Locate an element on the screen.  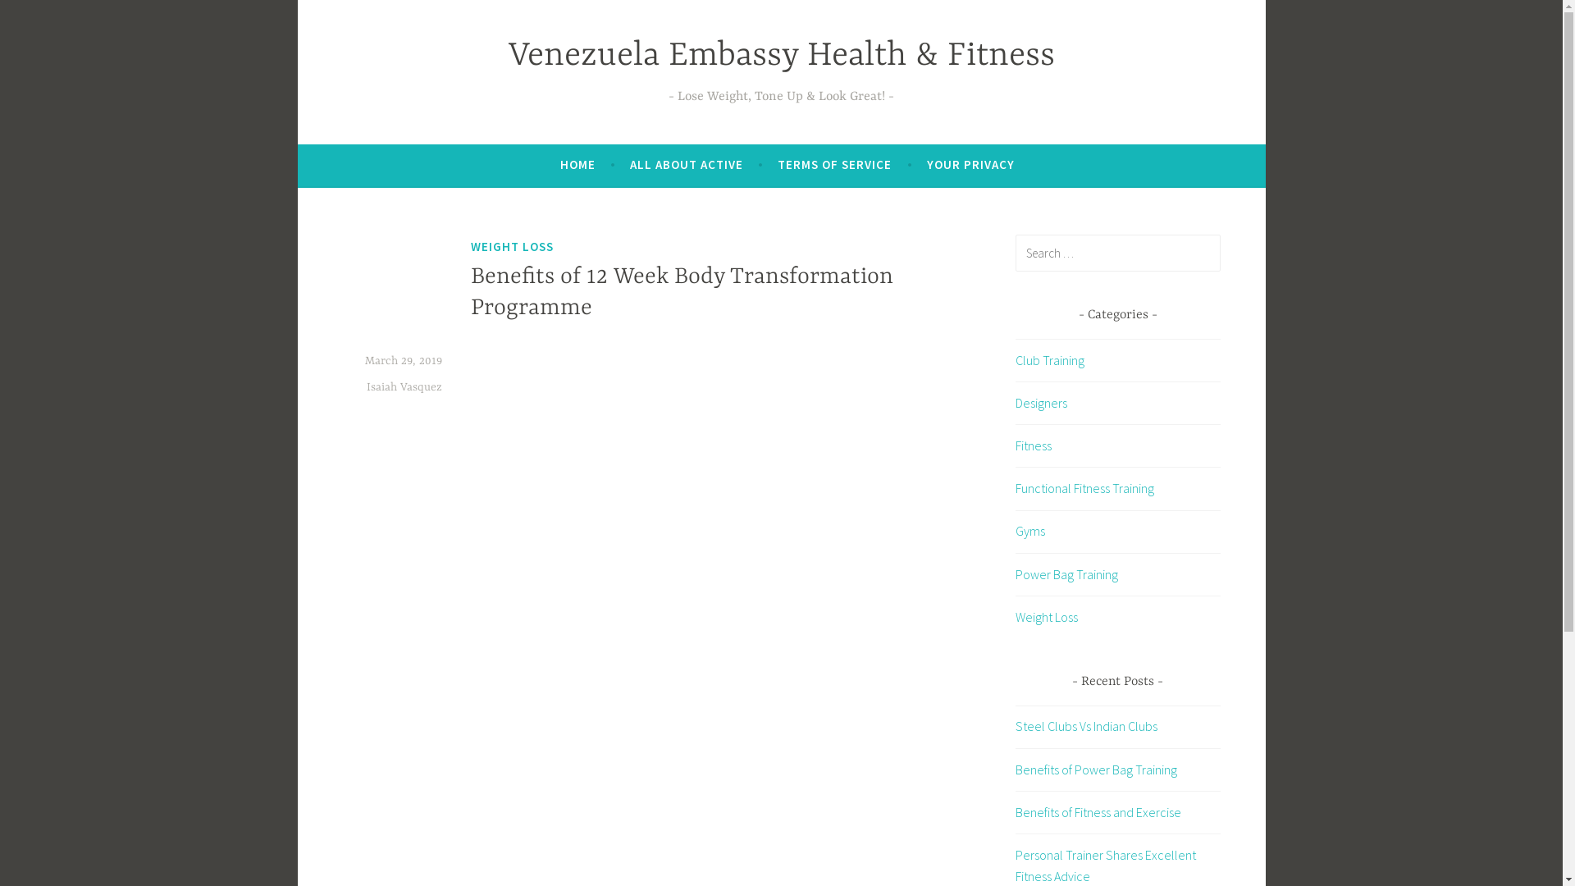
'March 29, 2019' is located at coordinates (402, 359).